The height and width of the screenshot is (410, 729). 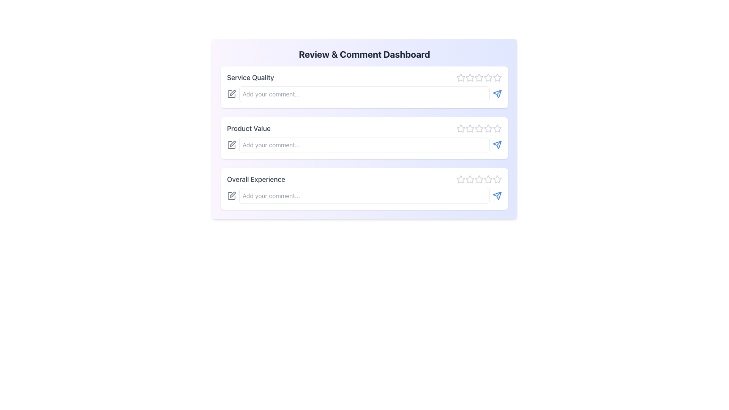 I want to click on the fourth star icon in the 'Overall Experience' row, so click(x=497, y=179).